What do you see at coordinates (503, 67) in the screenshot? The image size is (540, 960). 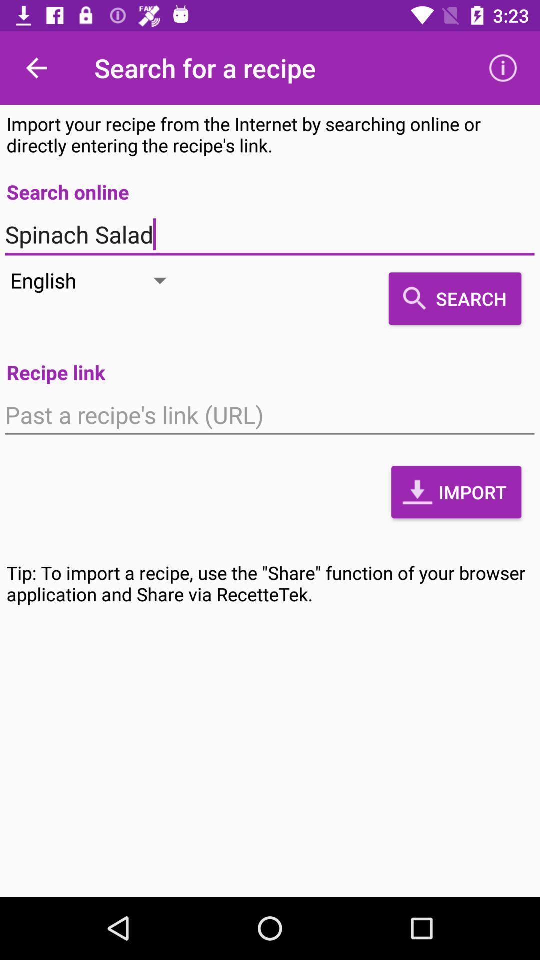 I see `icon to the right of search for a` at bounding box center [503, 67].